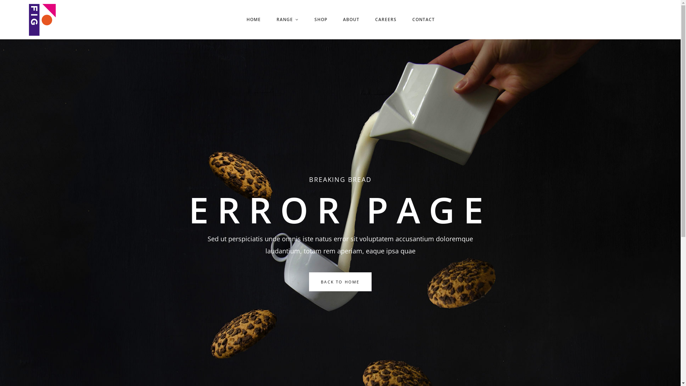 This screenshot has height=386, width=686. I want to click on 'CONTACT', so click(404, 19).